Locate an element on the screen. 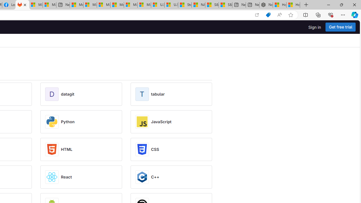  'datagit' is located at coordinates (68, 94).